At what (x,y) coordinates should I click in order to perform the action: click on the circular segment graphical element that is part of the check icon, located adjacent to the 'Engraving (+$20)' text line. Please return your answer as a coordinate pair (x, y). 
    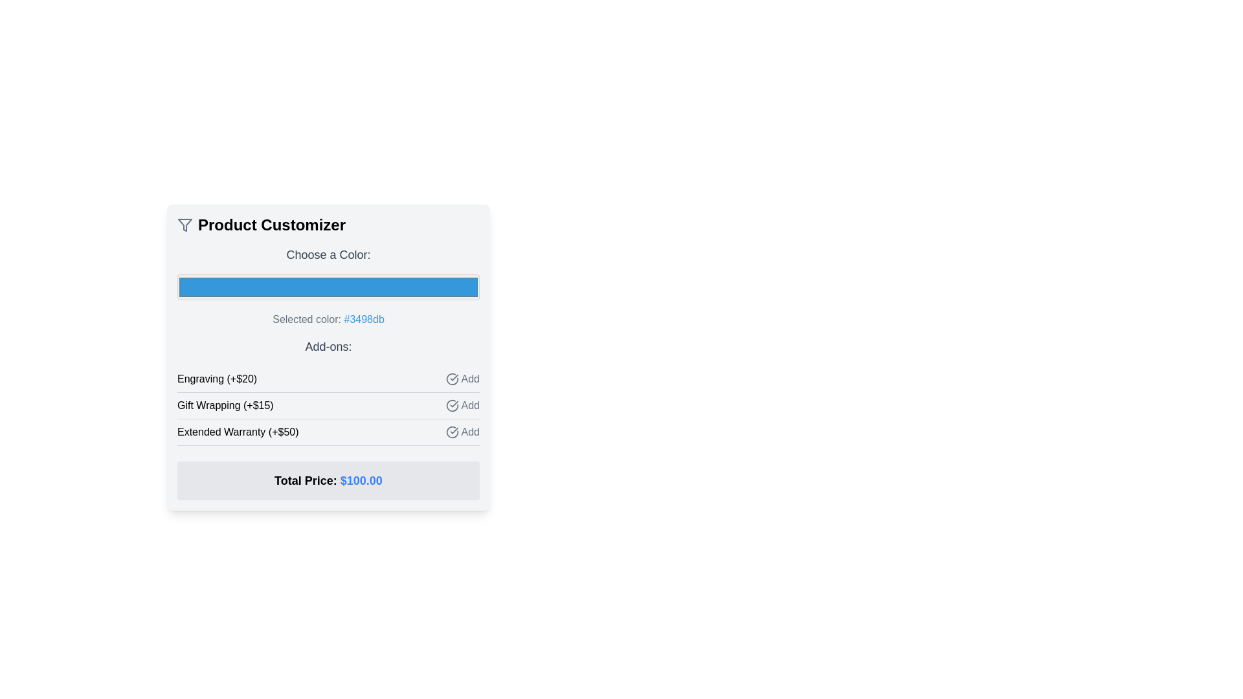
    Looking at the image, I should click on (452, 379).